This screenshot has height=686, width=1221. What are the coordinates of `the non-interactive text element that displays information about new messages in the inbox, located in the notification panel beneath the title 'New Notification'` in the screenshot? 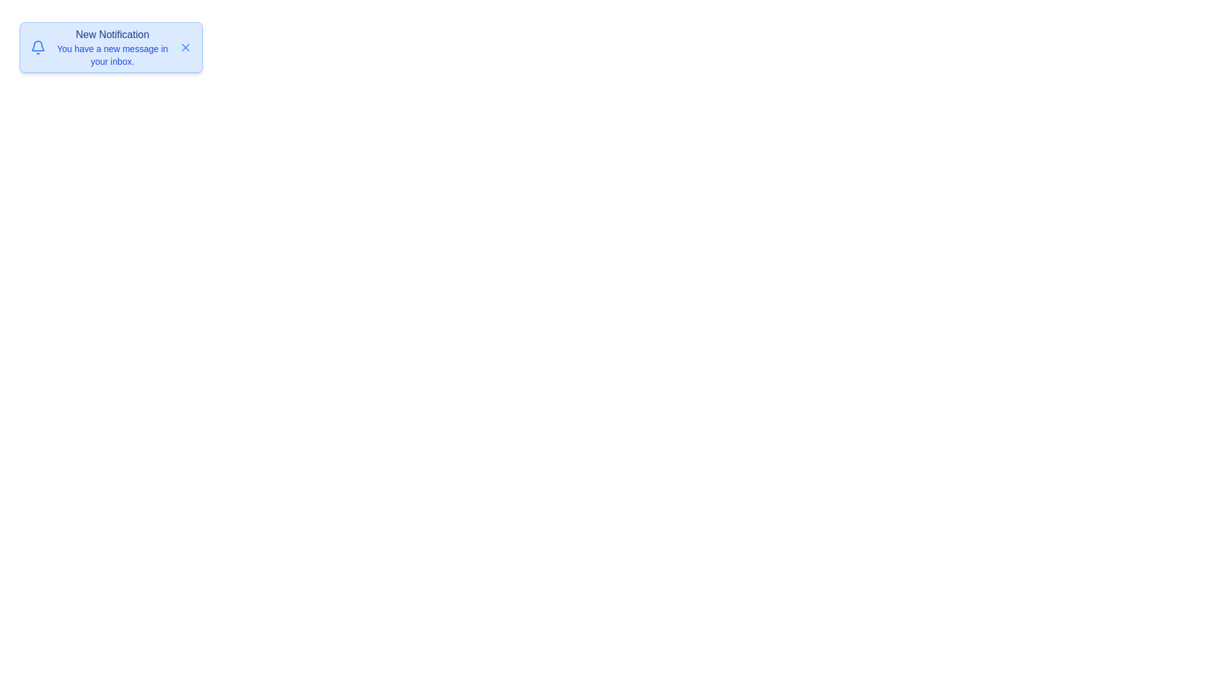 It's located at (113, 55).